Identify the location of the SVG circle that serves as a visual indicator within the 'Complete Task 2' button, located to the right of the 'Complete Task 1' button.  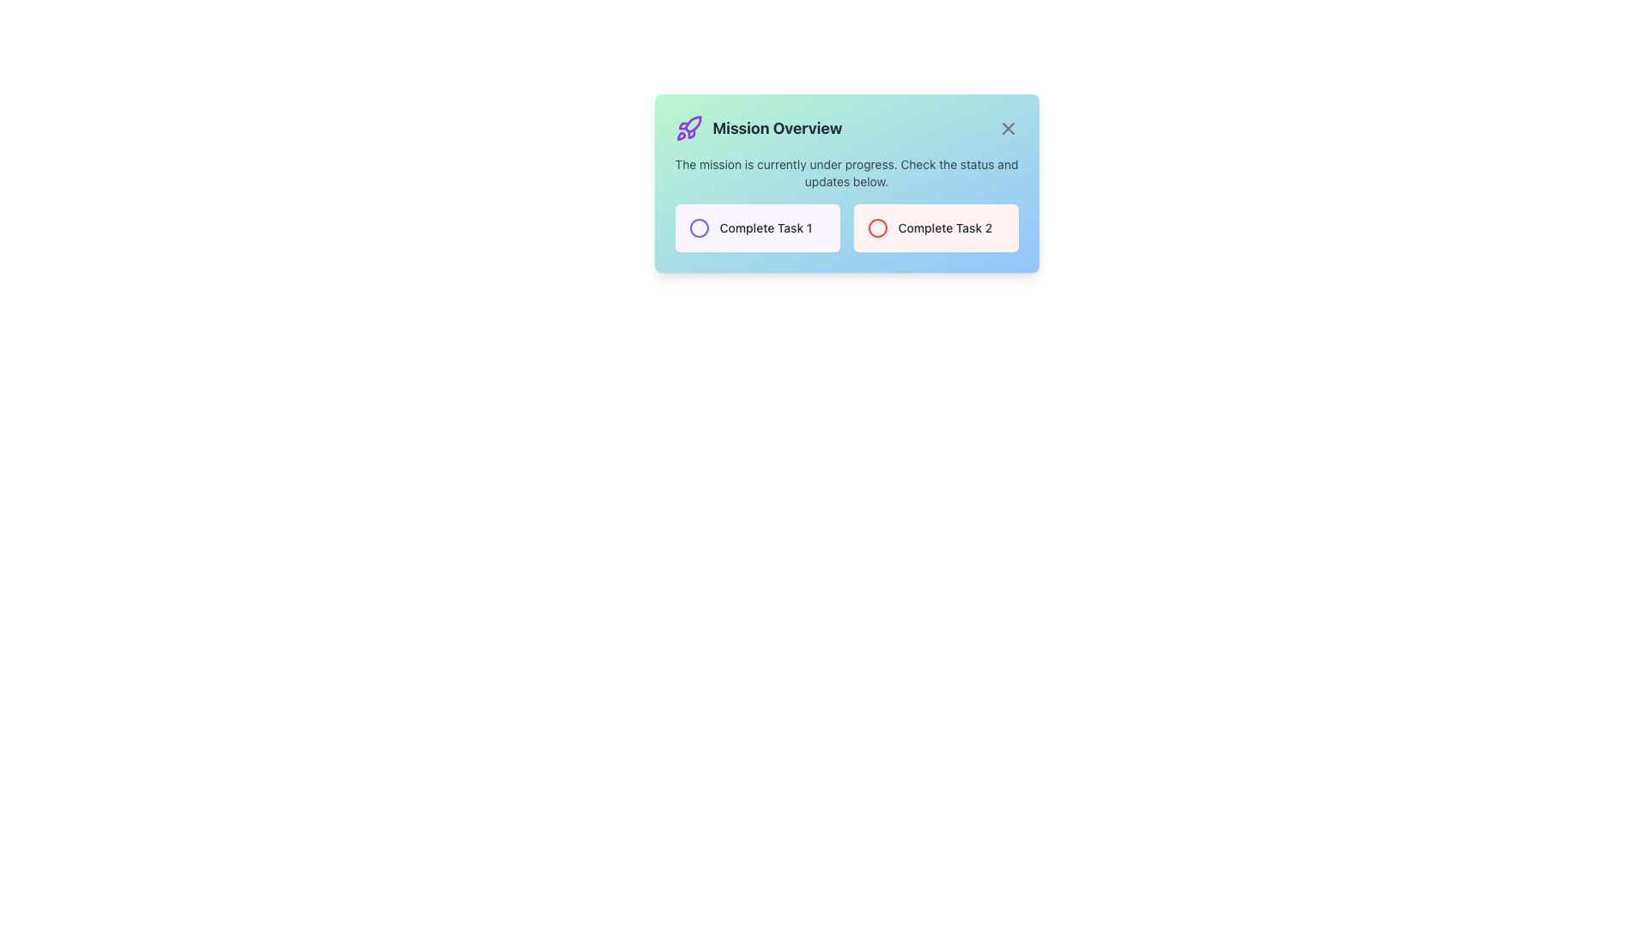
(877, 227).